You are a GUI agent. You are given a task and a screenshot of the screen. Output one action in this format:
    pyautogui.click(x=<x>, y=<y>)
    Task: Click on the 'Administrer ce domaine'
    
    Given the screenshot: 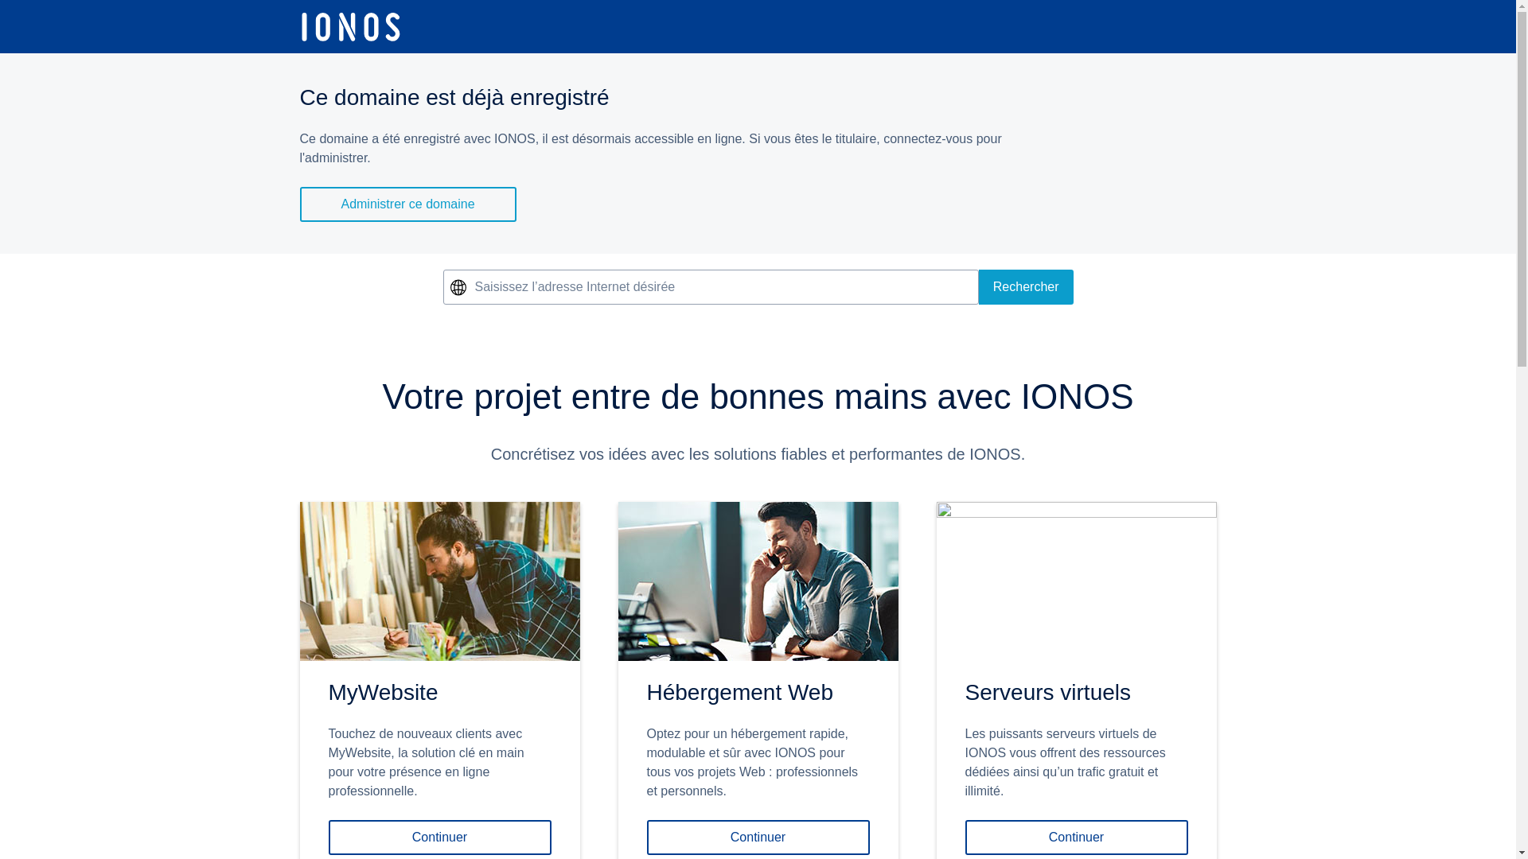 What is the action you would take?
    pyautogui.click(x=407, y=204)
    